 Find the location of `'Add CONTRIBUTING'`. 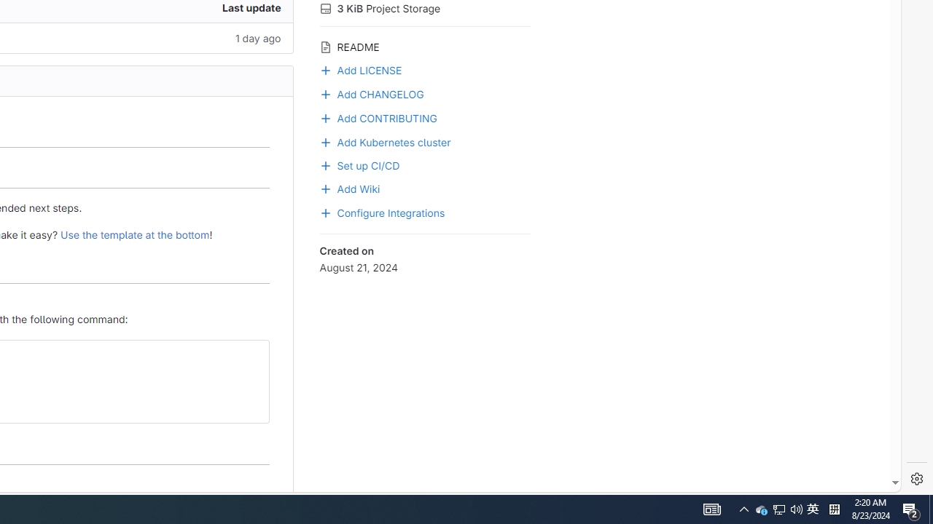

'Add CONTRIBUTING' is located at coordinates (378, 116).